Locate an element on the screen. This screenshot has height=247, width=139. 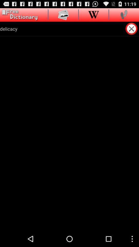
delicacy icon is located at coordinates (62, 29).